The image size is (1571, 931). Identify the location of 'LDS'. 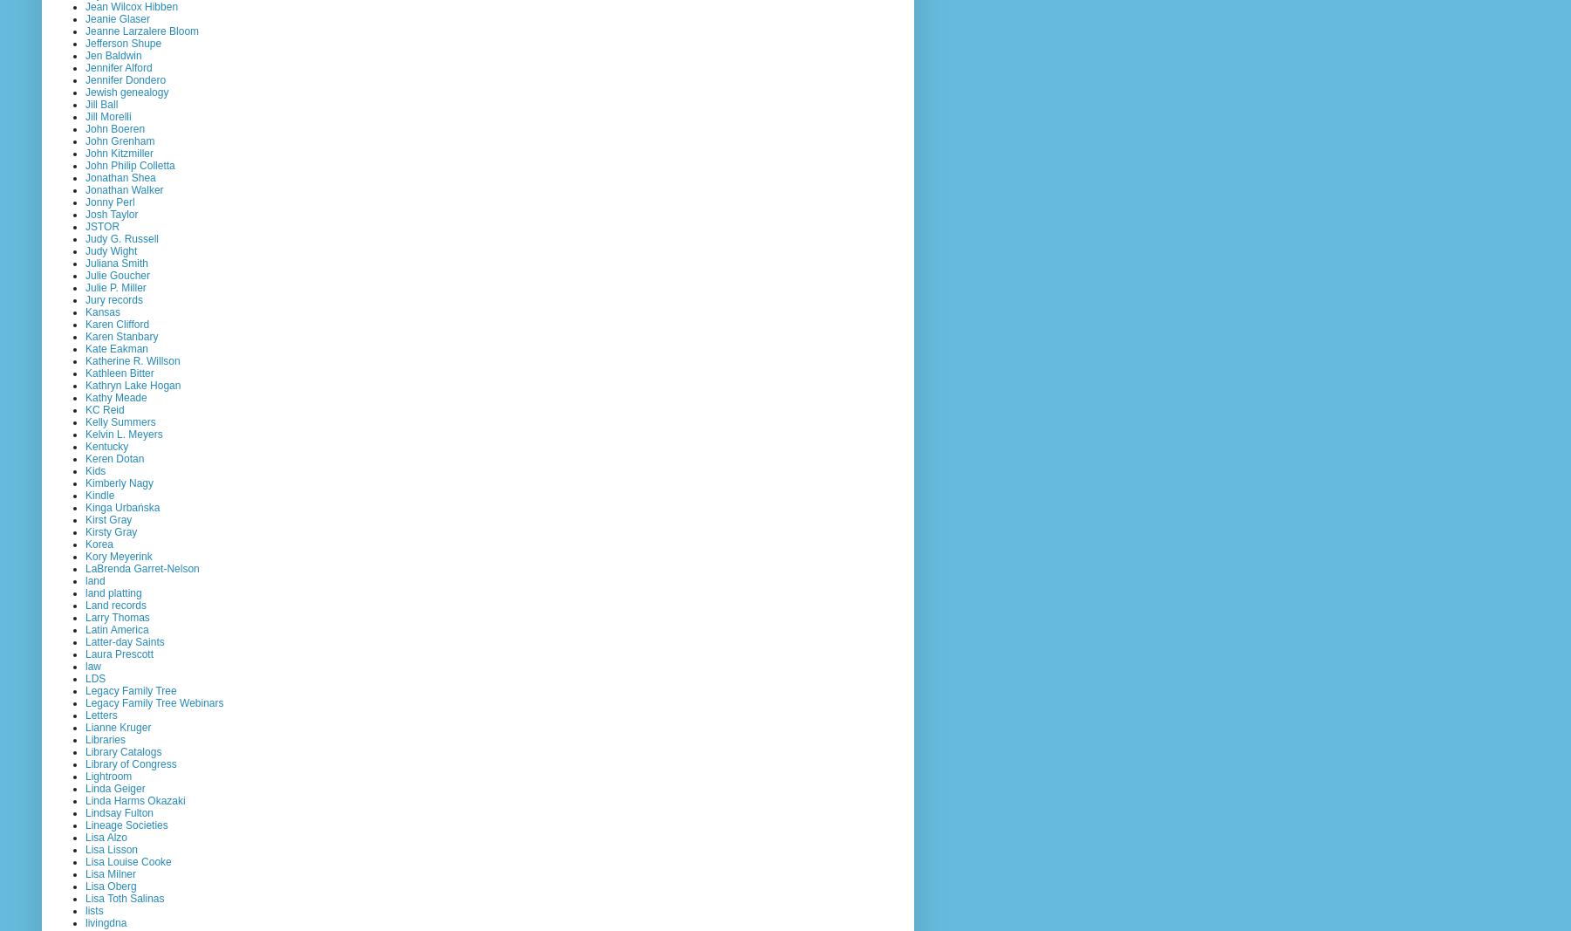
(95, 676).